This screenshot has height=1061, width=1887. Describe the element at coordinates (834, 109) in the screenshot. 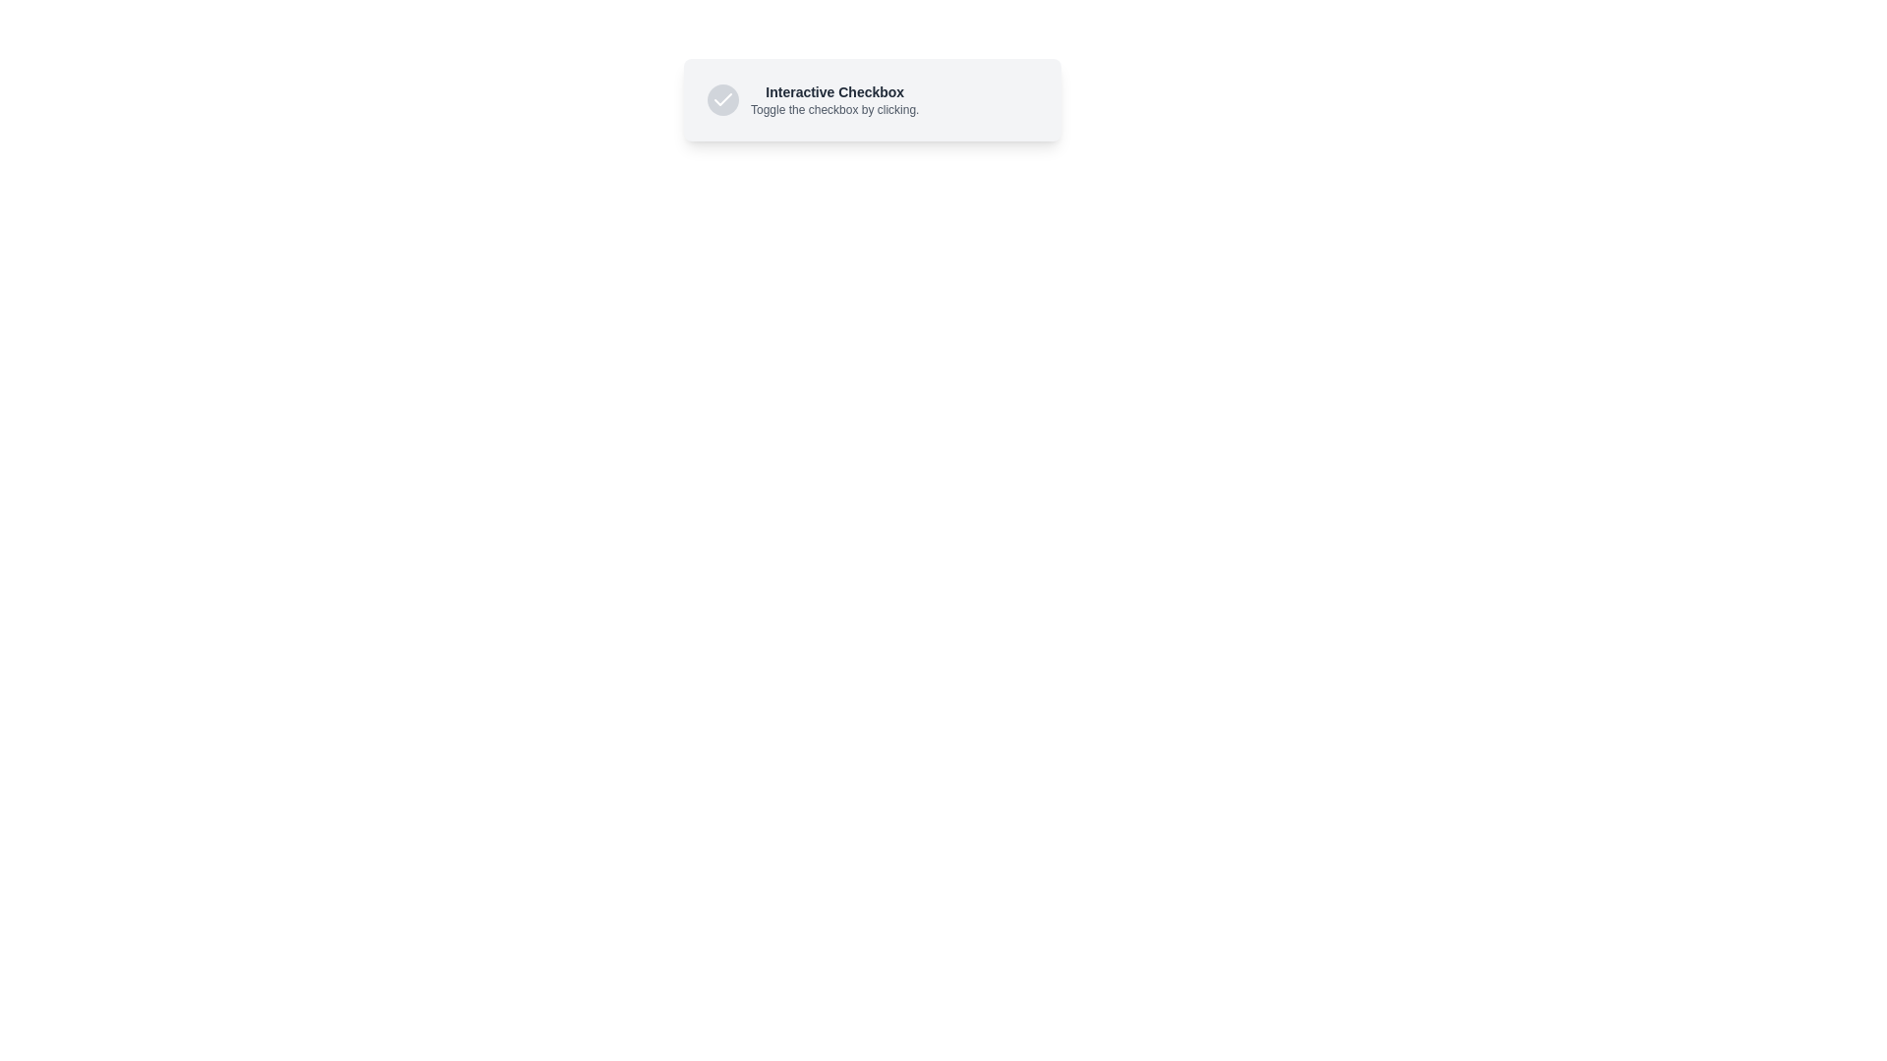

I see `the text label that displays 'Toggle the checkbox by clicking.' which is styled in gray and located below the 'Interactive Checkbox' text` at that location.